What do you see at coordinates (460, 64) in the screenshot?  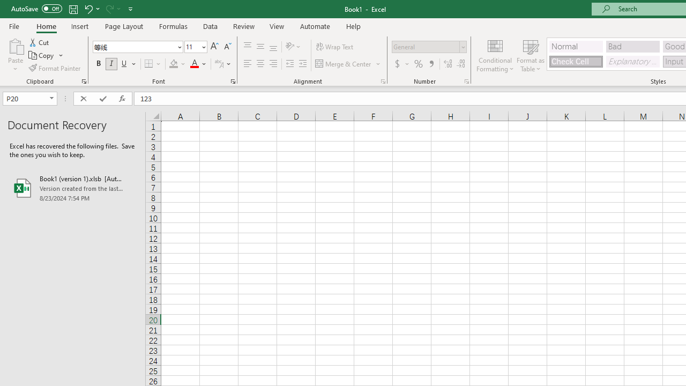 I see `'Decrease Decimal'` at bounding box center [460, 64].